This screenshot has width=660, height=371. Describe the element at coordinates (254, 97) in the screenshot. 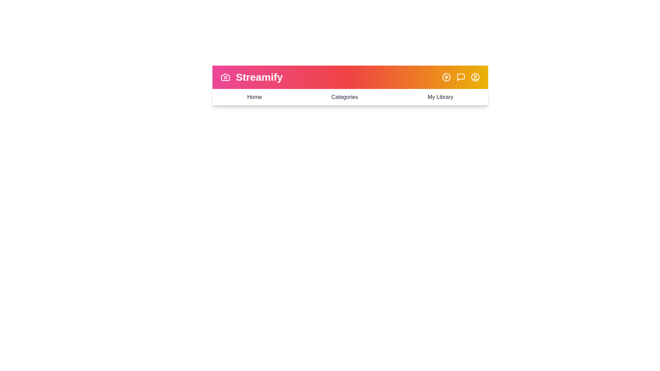

I see `the menu item labeled 'Home'` at that location.